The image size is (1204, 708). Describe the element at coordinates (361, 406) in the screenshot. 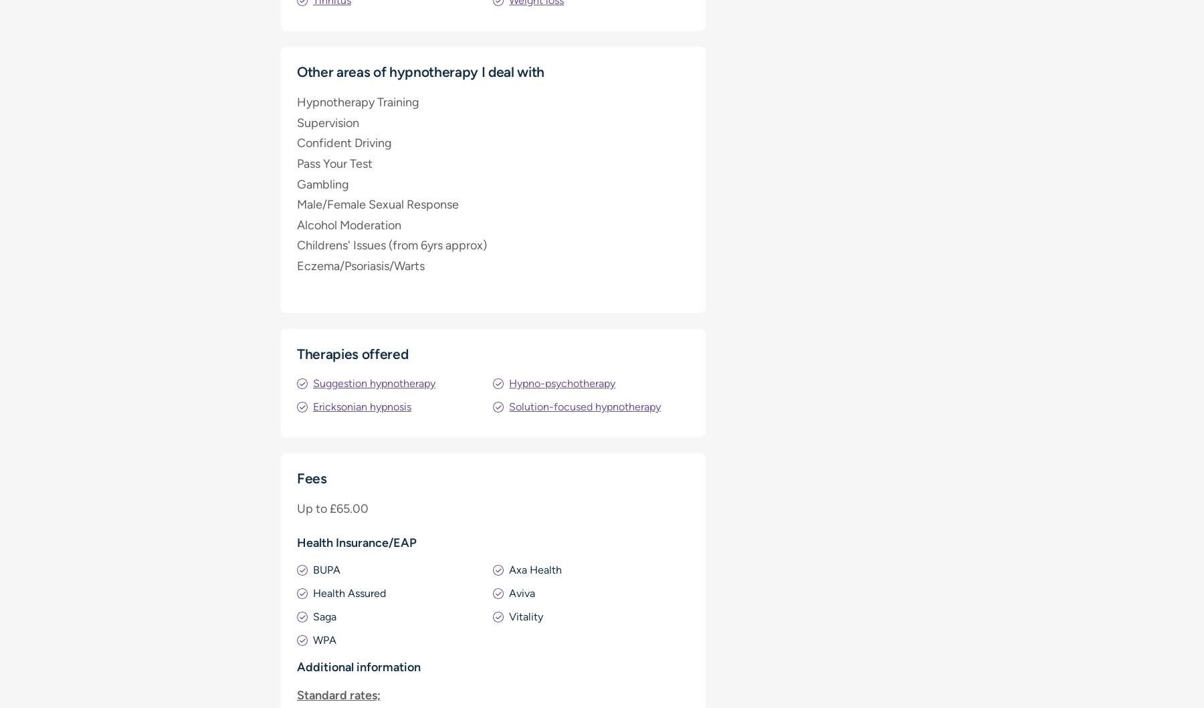

I see `'Ericksonian hypnosis'` at that location.